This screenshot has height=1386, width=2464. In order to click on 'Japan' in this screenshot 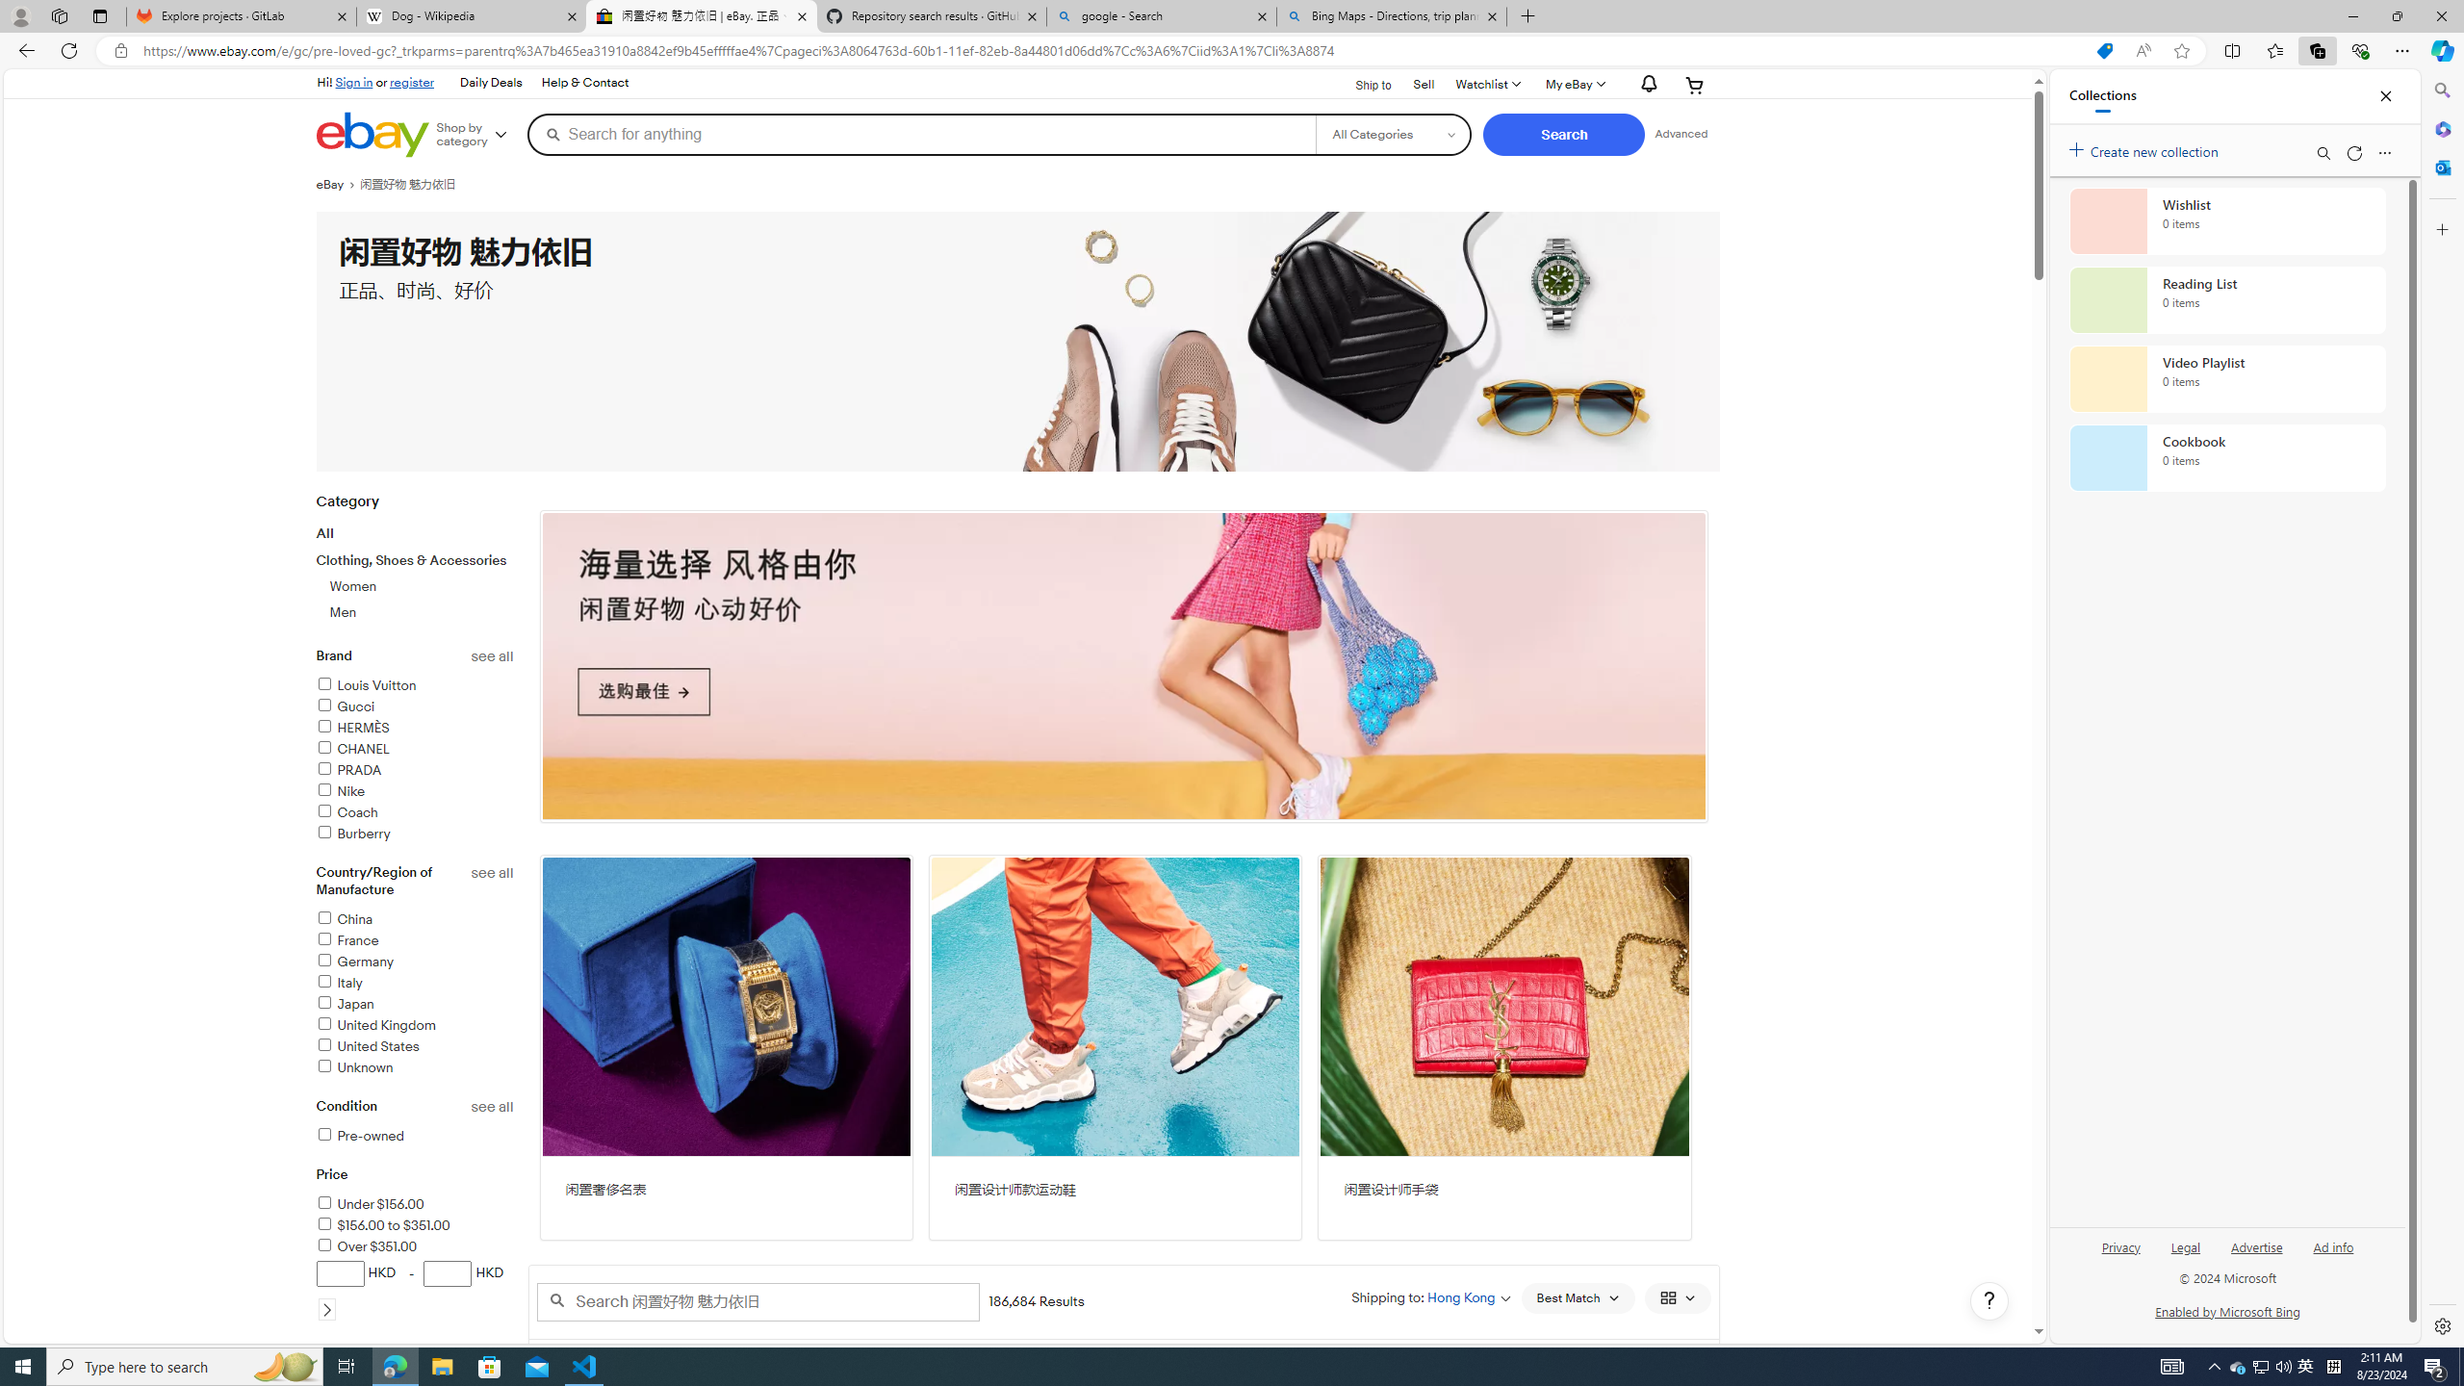, I will do `click(415, 1004)`.